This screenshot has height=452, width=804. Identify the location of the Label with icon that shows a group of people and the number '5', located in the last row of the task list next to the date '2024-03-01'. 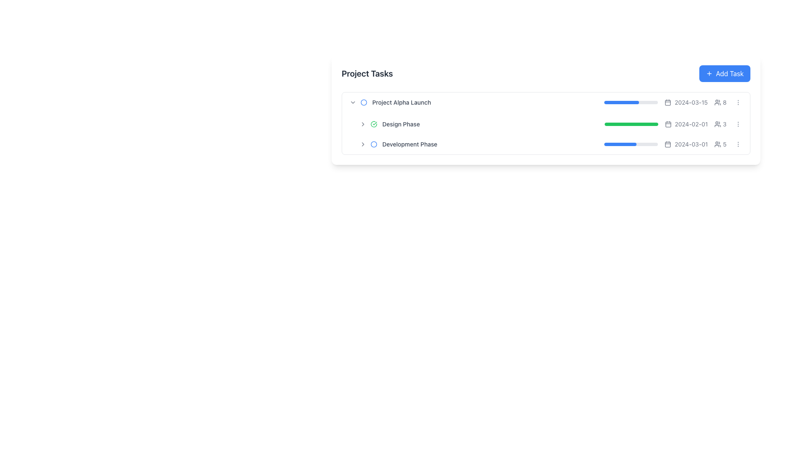
(720, 144).